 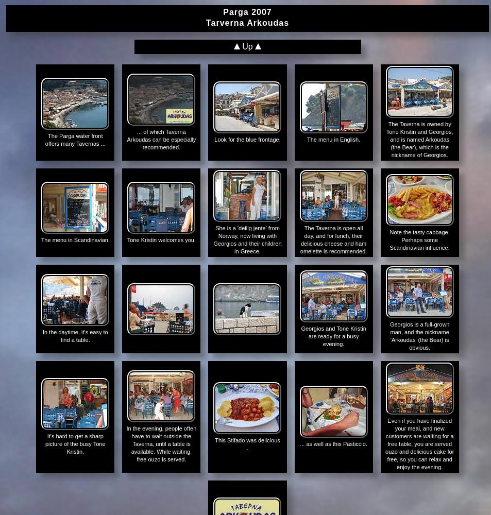 I want to click on 'In the evening, people often have to wait outside the Taverna, until a table is available. While waiting, free ouzo is served.', so click(x=160, y=443).